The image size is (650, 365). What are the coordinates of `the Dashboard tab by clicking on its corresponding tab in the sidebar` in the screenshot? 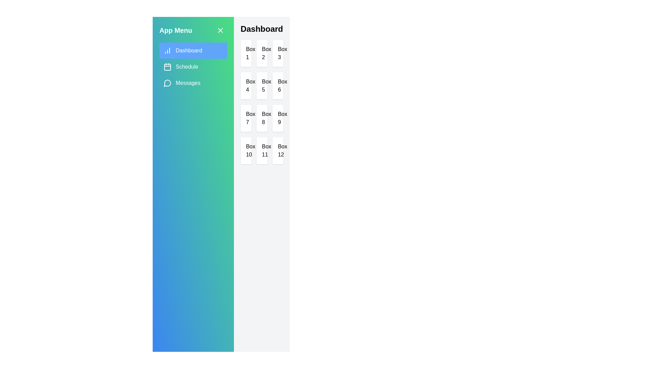 It's located at (193, 50).